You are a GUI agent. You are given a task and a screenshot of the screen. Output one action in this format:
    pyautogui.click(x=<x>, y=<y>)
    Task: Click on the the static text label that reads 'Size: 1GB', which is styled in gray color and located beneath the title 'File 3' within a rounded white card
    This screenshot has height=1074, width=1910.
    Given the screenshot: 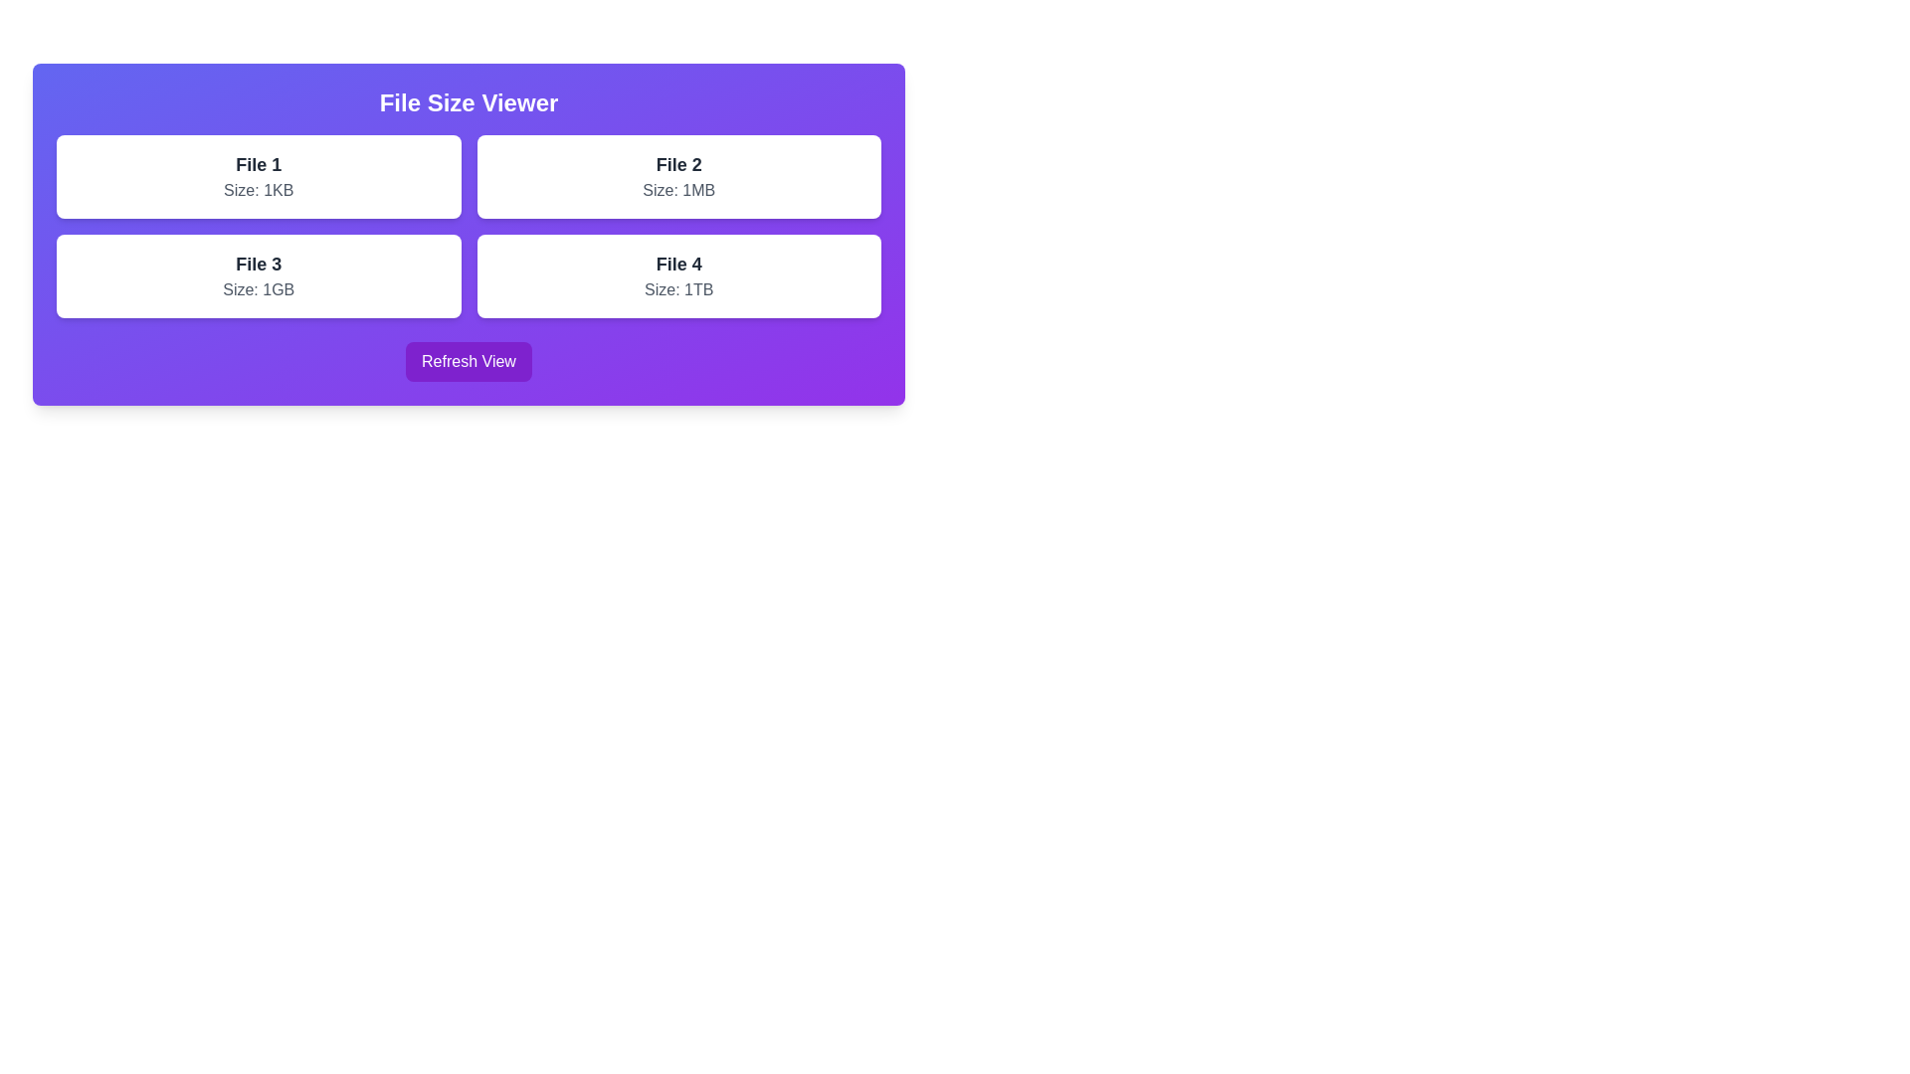 What is the action you would take?
    pyautogui.click(x=258, y=290)
    